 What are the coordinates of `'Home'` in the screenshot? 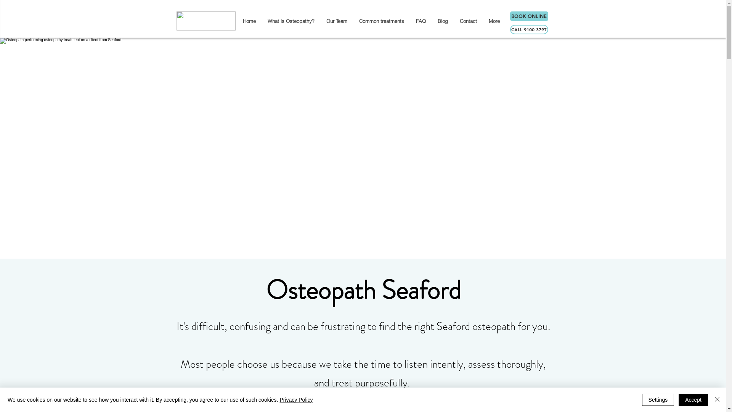 It's located at (249, 20).